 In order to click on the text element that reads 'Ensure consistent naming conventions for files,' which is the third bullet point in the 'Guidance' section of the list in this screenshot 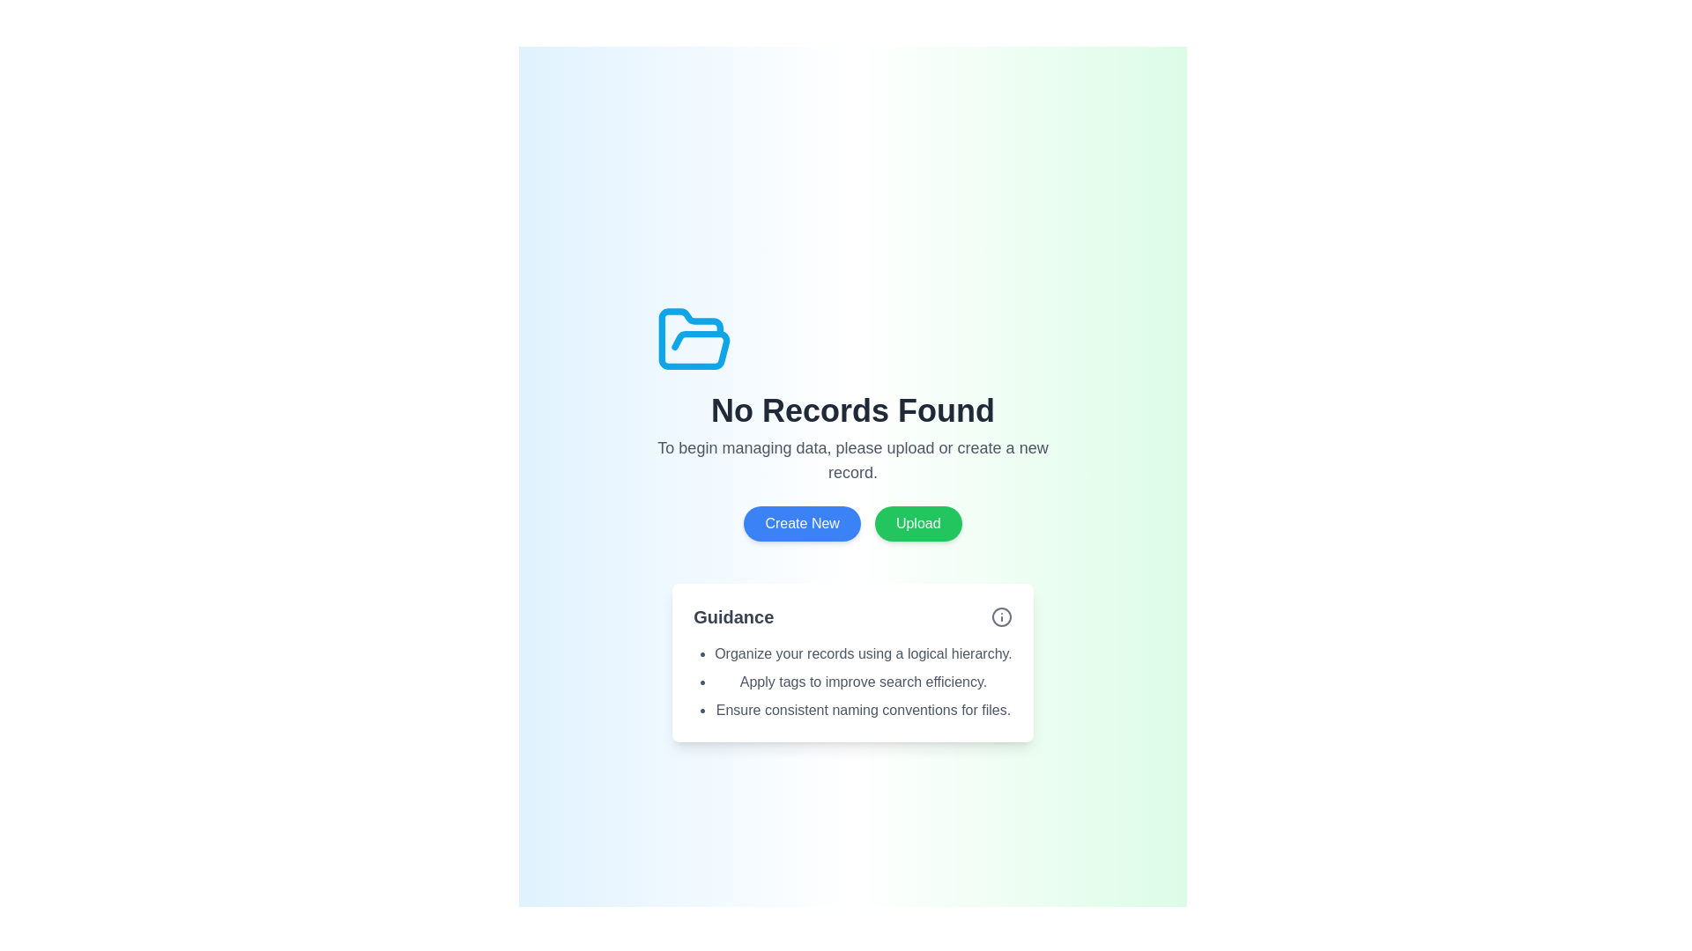, I will do `click(863, 709)`.